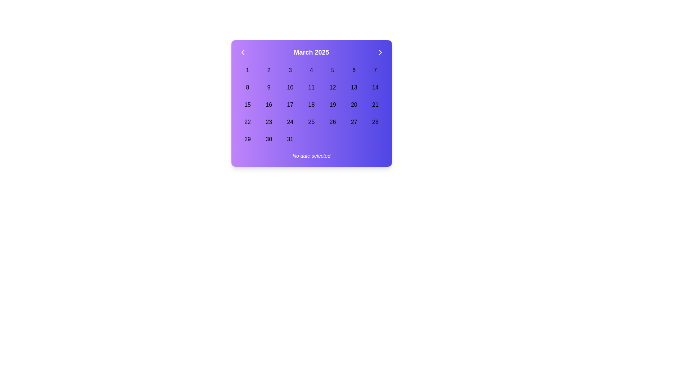 This screenshot has height=388, width=691. I want to click on the circular button displaying the date '22' in the March 2025 calendar, so click(248, 121).